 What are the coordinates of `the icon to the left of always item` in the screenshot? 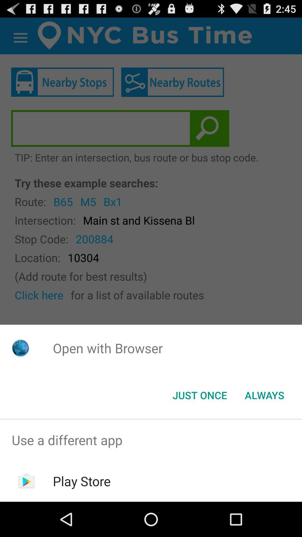 It's located at (199, 395).